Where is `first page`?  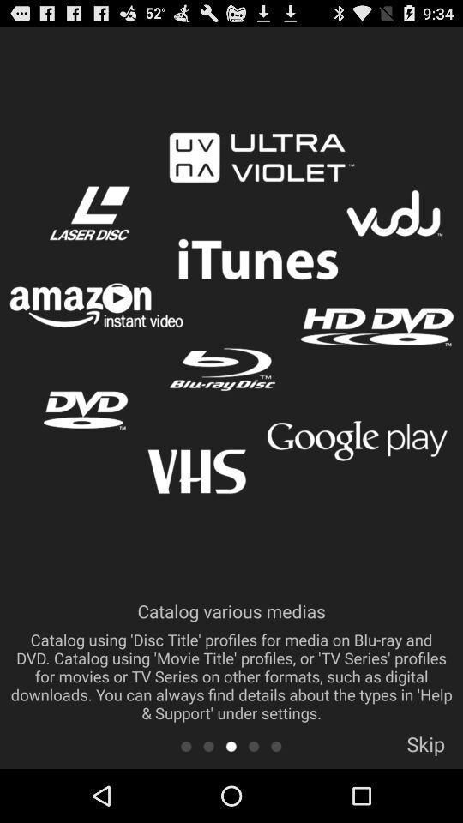 first page is located at coordinates (185, 745).